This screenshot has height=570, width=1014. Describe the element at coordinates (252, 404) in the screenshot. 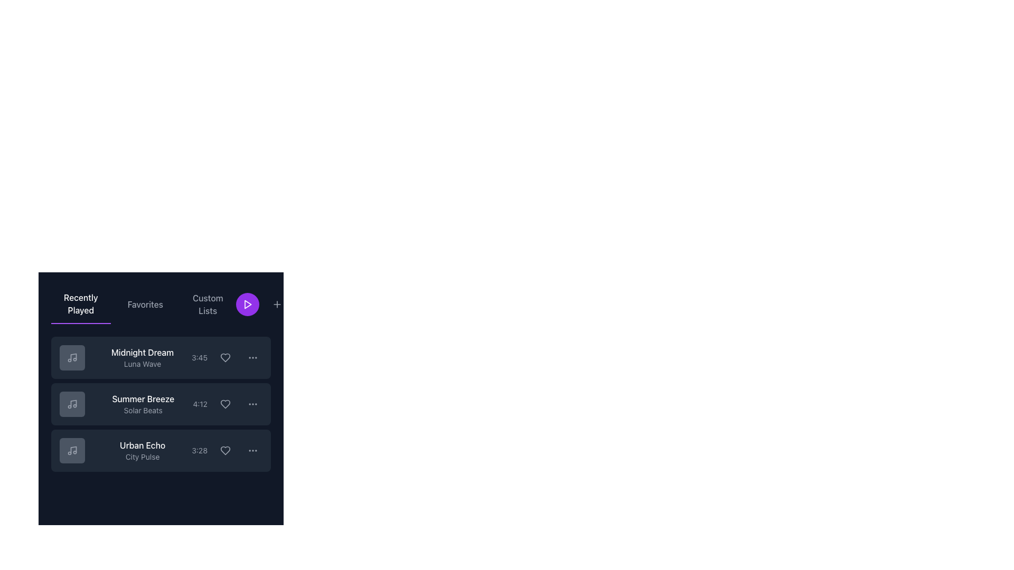

I see `the ellipsis menu button located at the far right of the item associated with the song 'Summer Breeze', changing its background color` at that location.